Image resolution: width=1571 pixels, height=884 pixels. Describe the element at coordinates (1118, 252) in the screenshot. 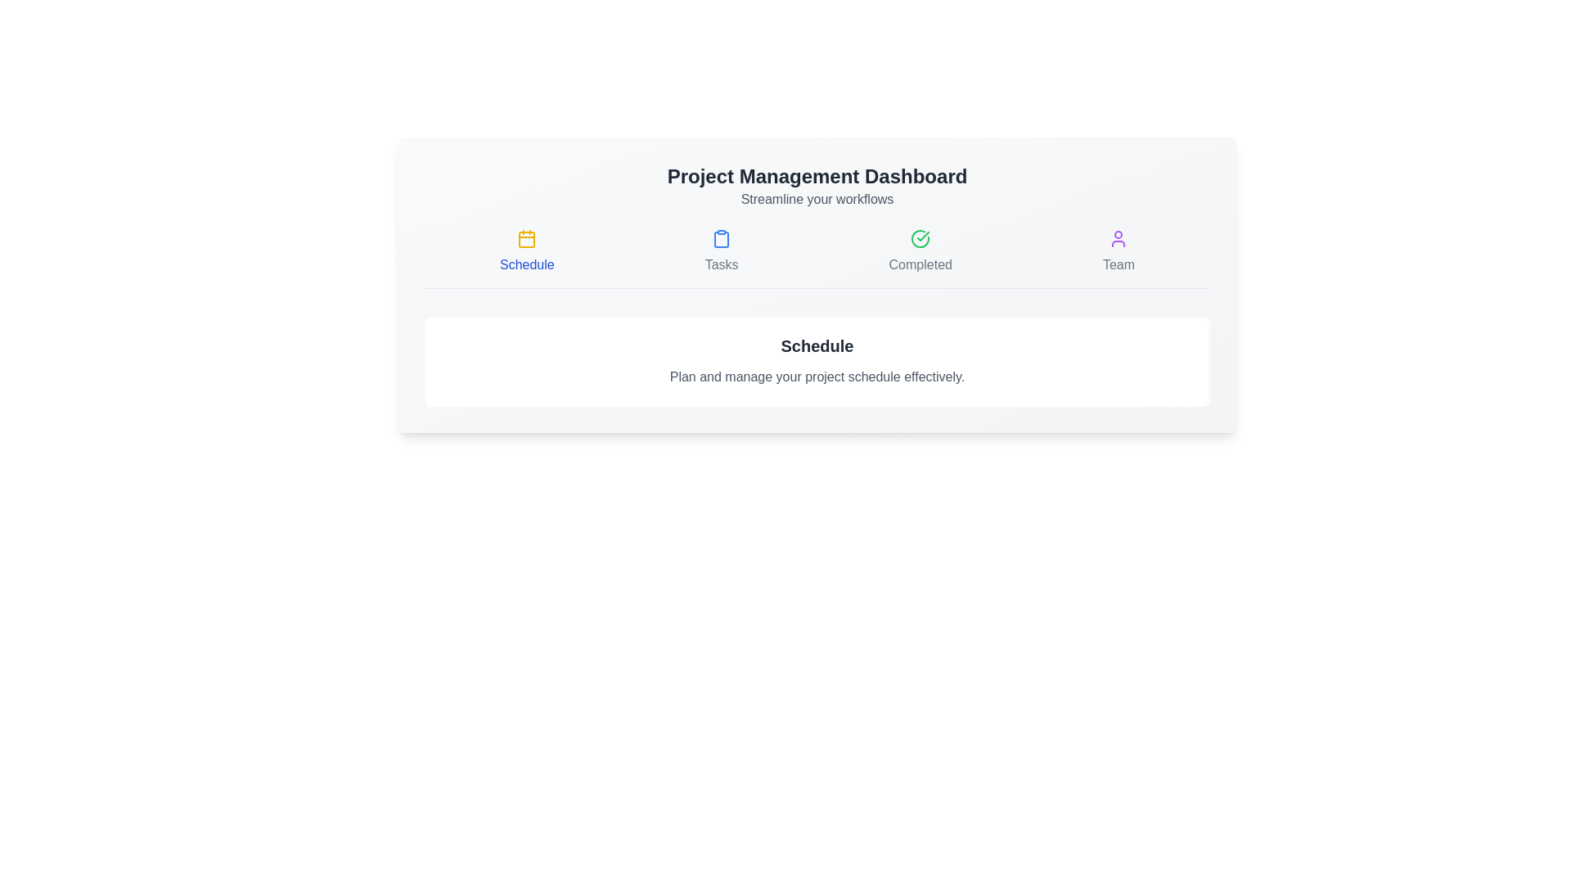

I see `the tab named Team` at that location.